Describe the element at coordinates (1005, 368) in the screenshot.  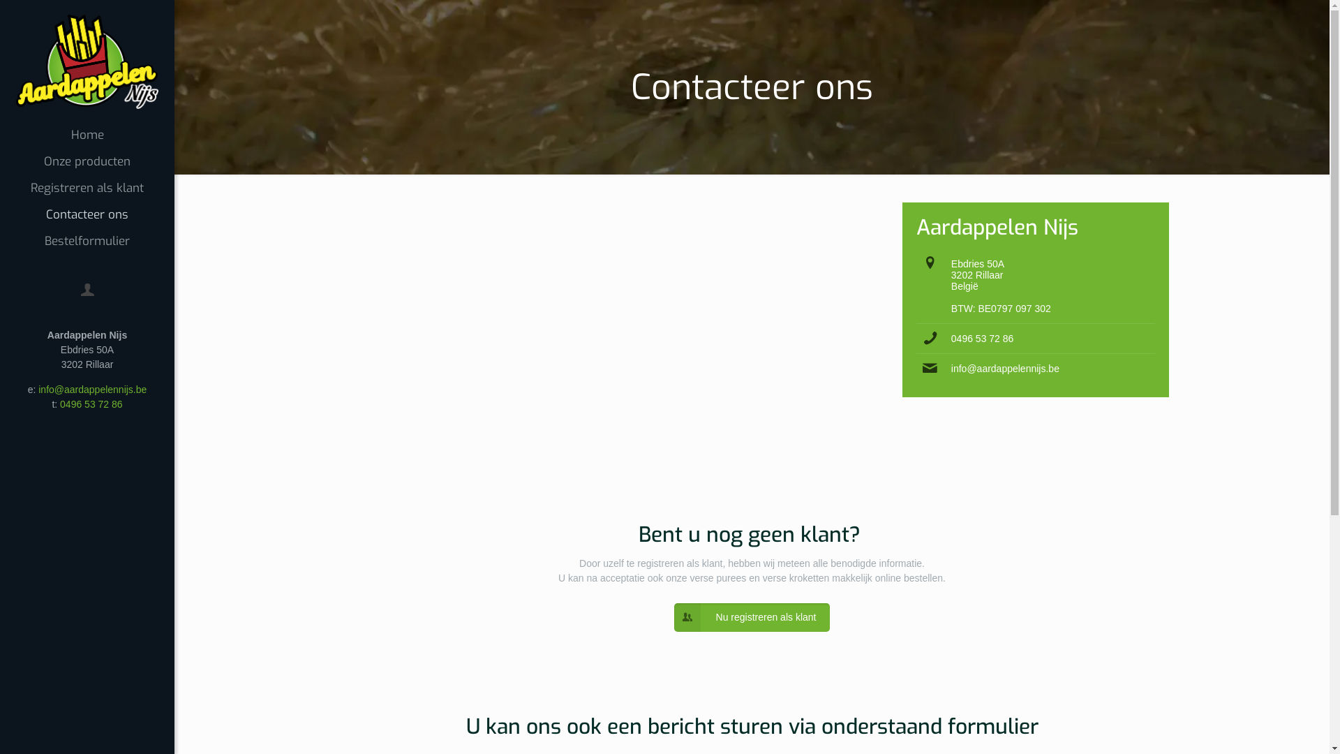
I see `'info@aardappelennijs.be'` at that location.